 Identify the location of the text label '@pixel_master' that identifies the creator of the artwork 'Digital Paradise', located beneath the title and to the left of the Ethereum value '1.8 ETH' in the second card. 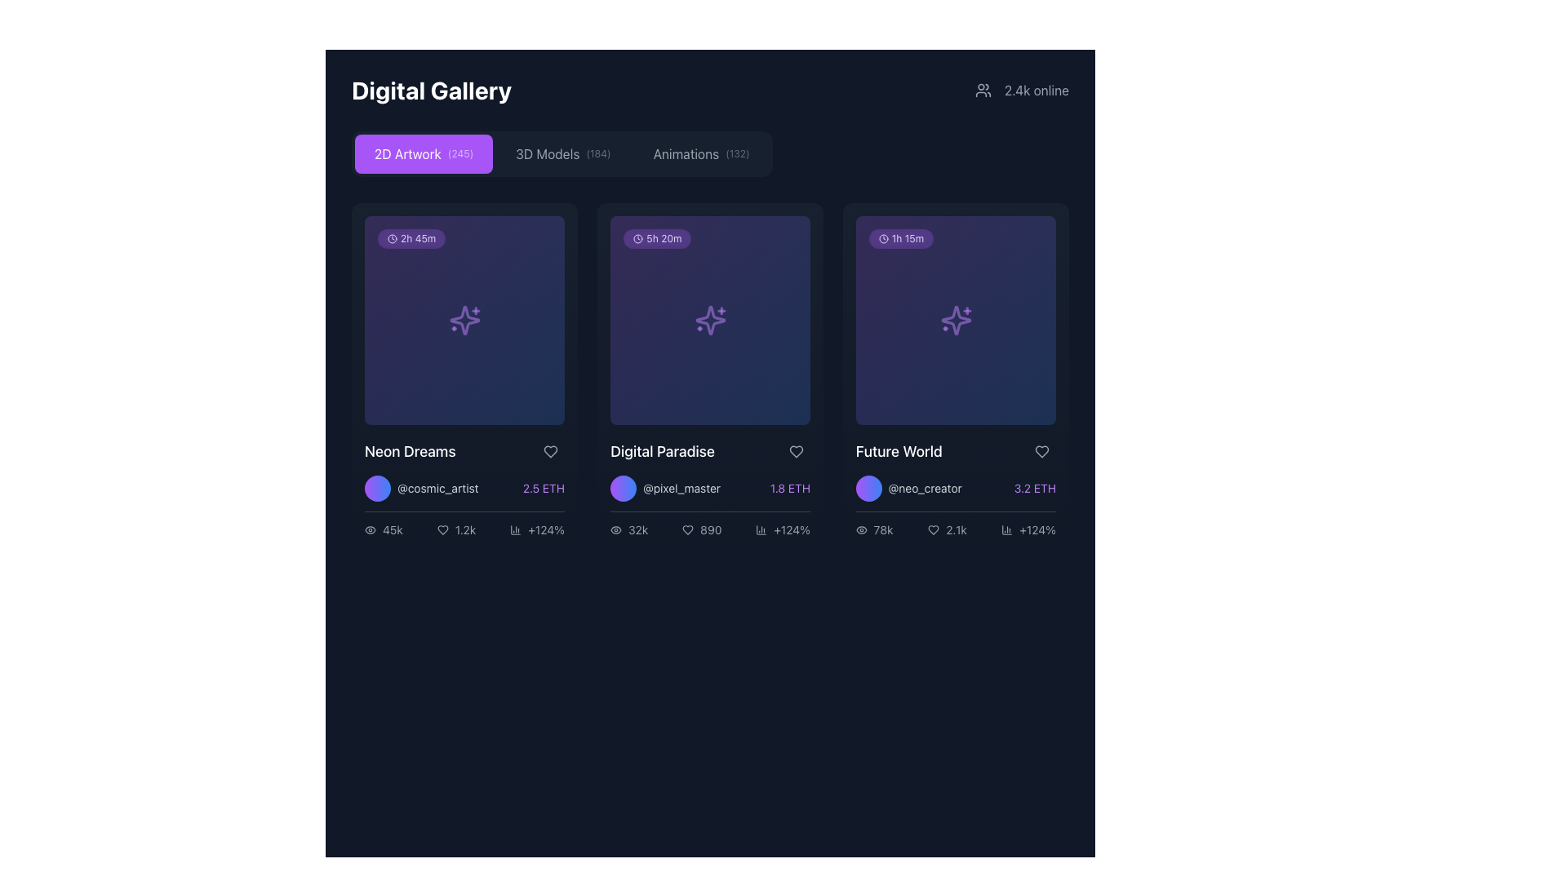
(665, 487).